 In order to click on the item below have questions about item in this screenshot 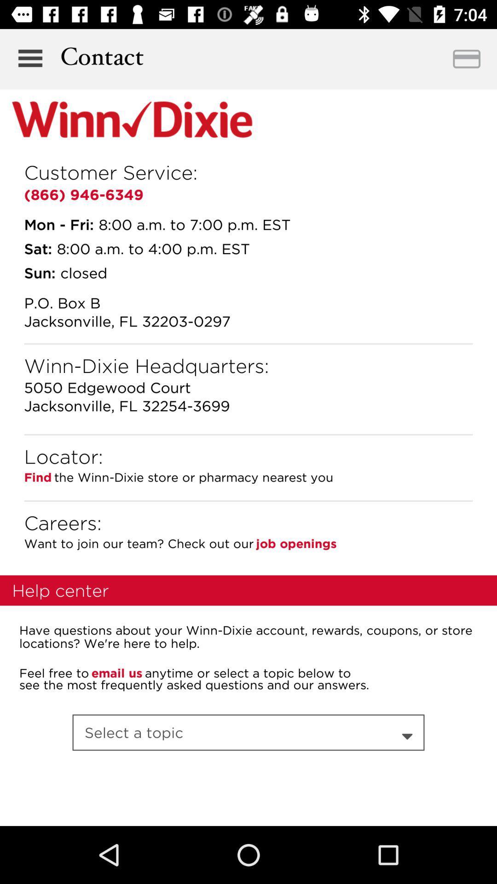, I will do `click(247, 673)`.